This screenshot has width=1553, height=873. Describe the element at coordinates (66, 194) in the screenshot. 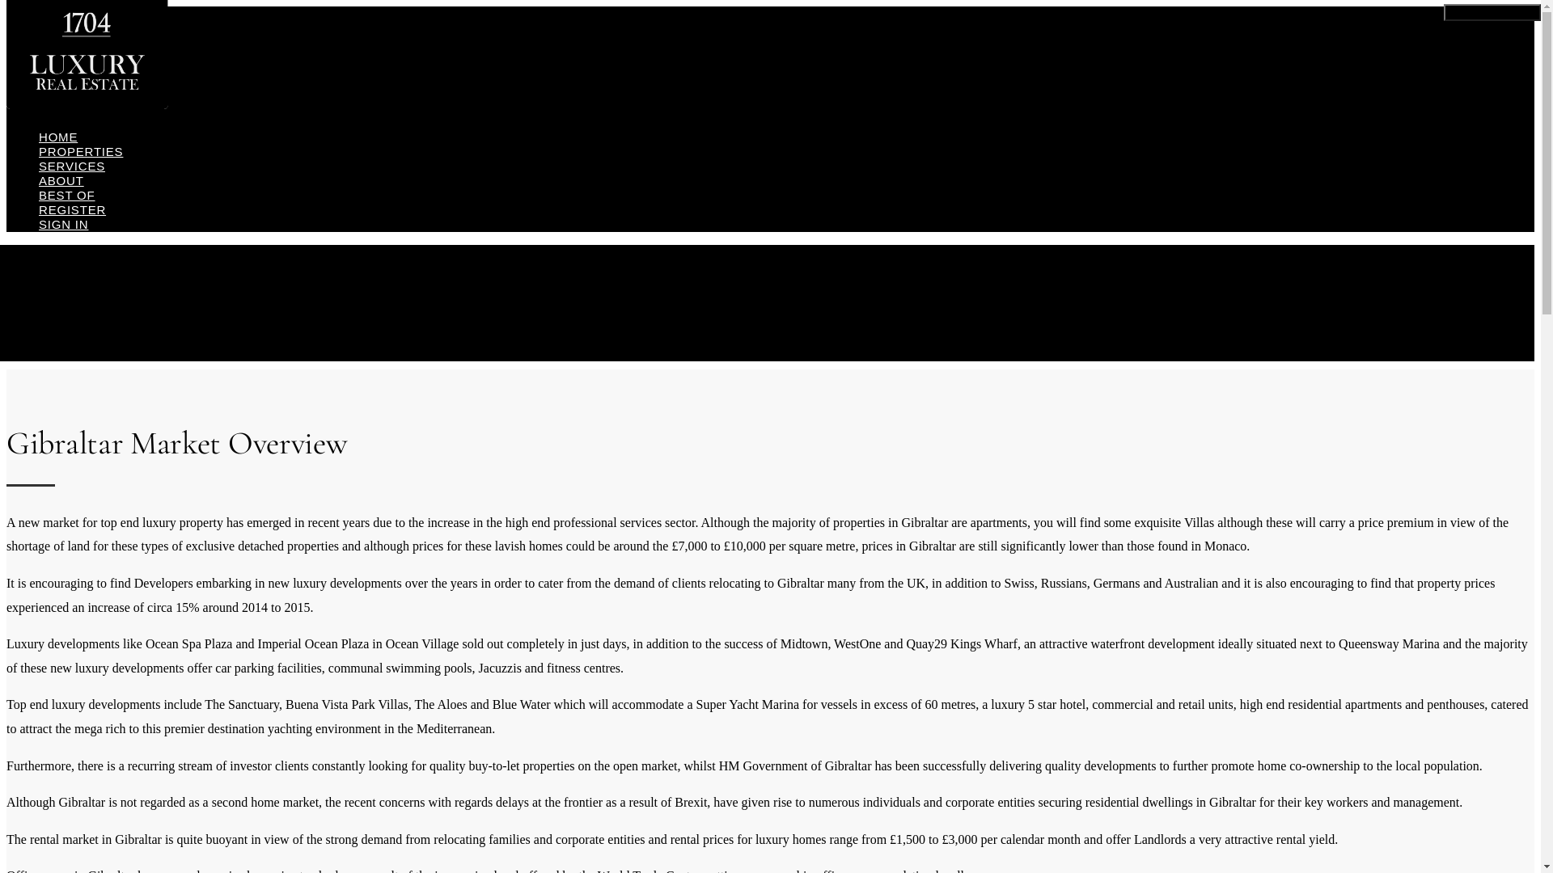

I see `'BEST OF'` at that location.